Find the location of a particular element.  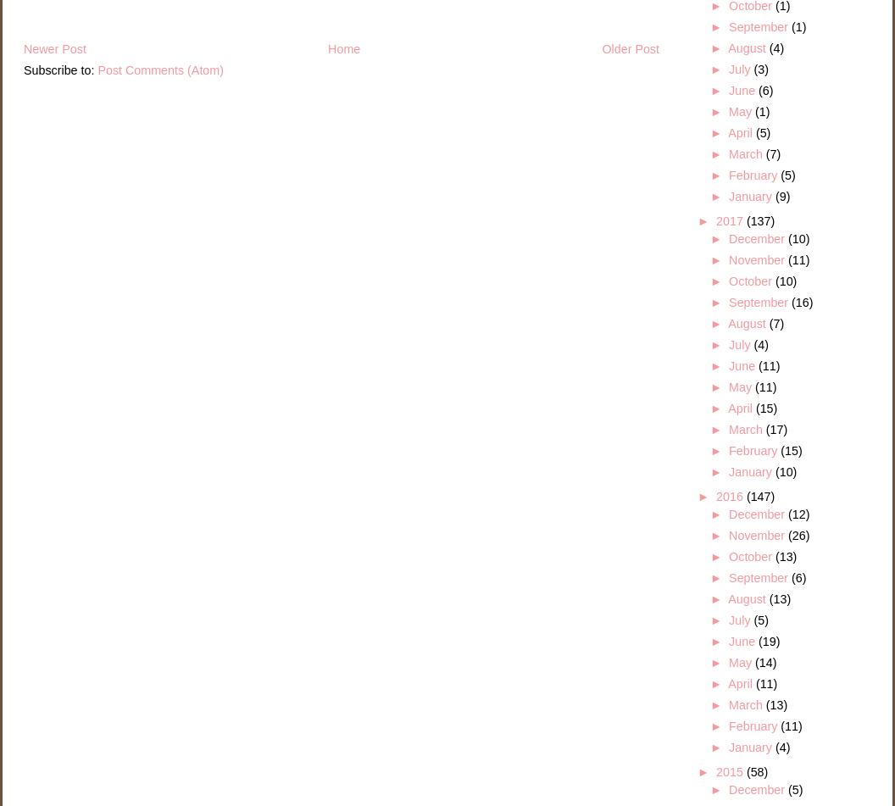

'(19)' is located at coordinates (768, 640).